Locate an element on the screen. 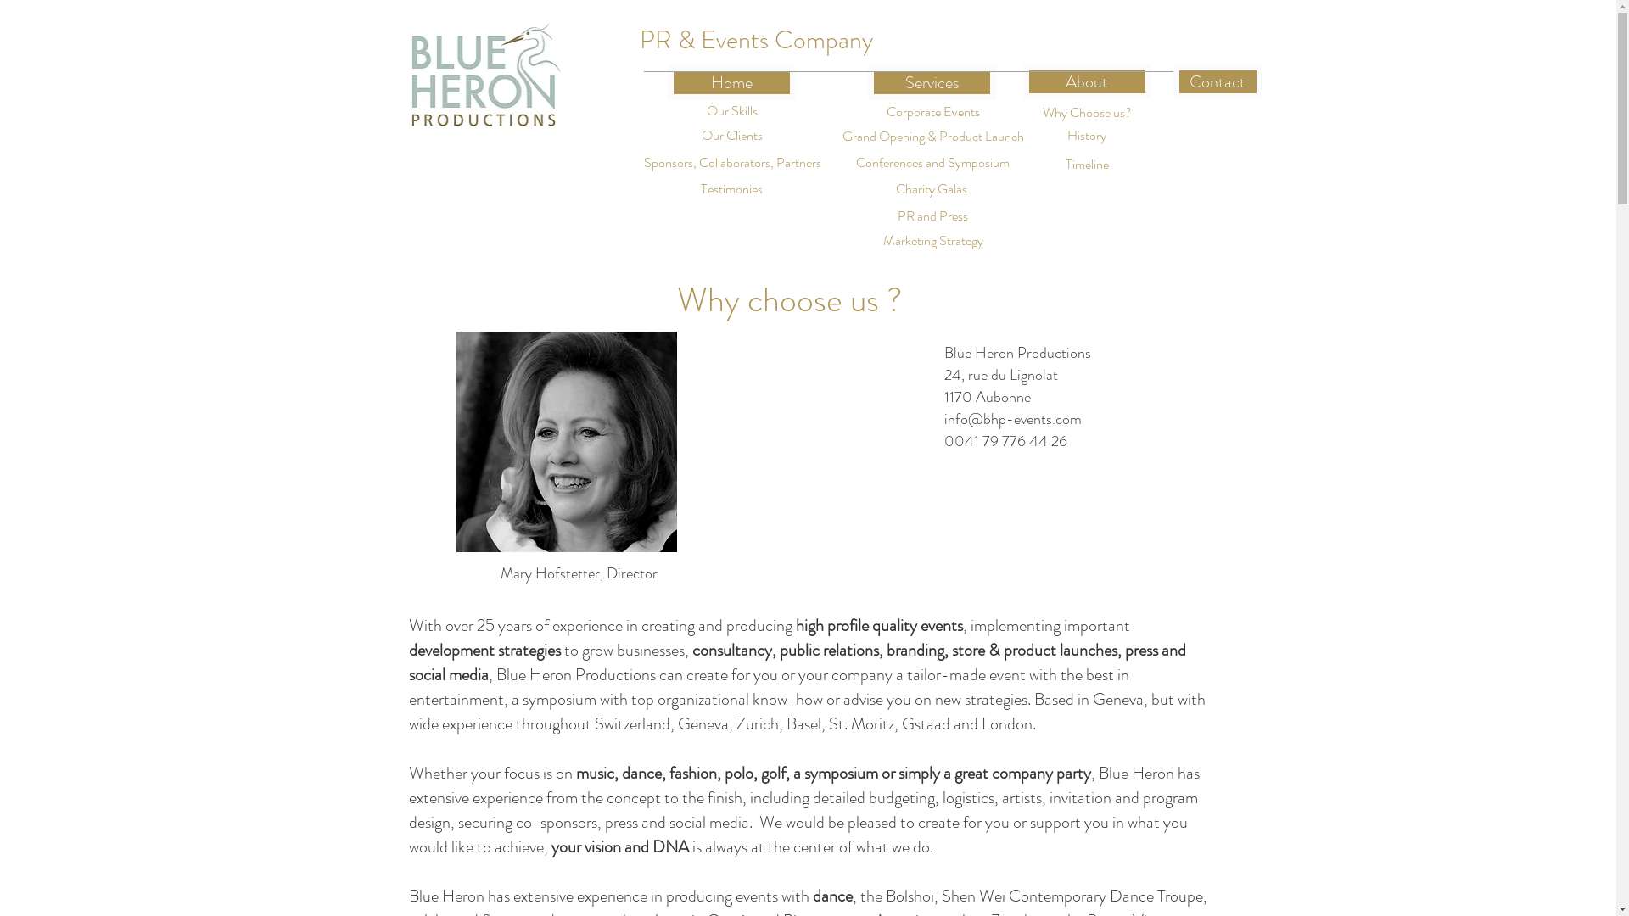 This screenshot has height=916, width=1629. 'Services' is located at coordinates (867, 82).